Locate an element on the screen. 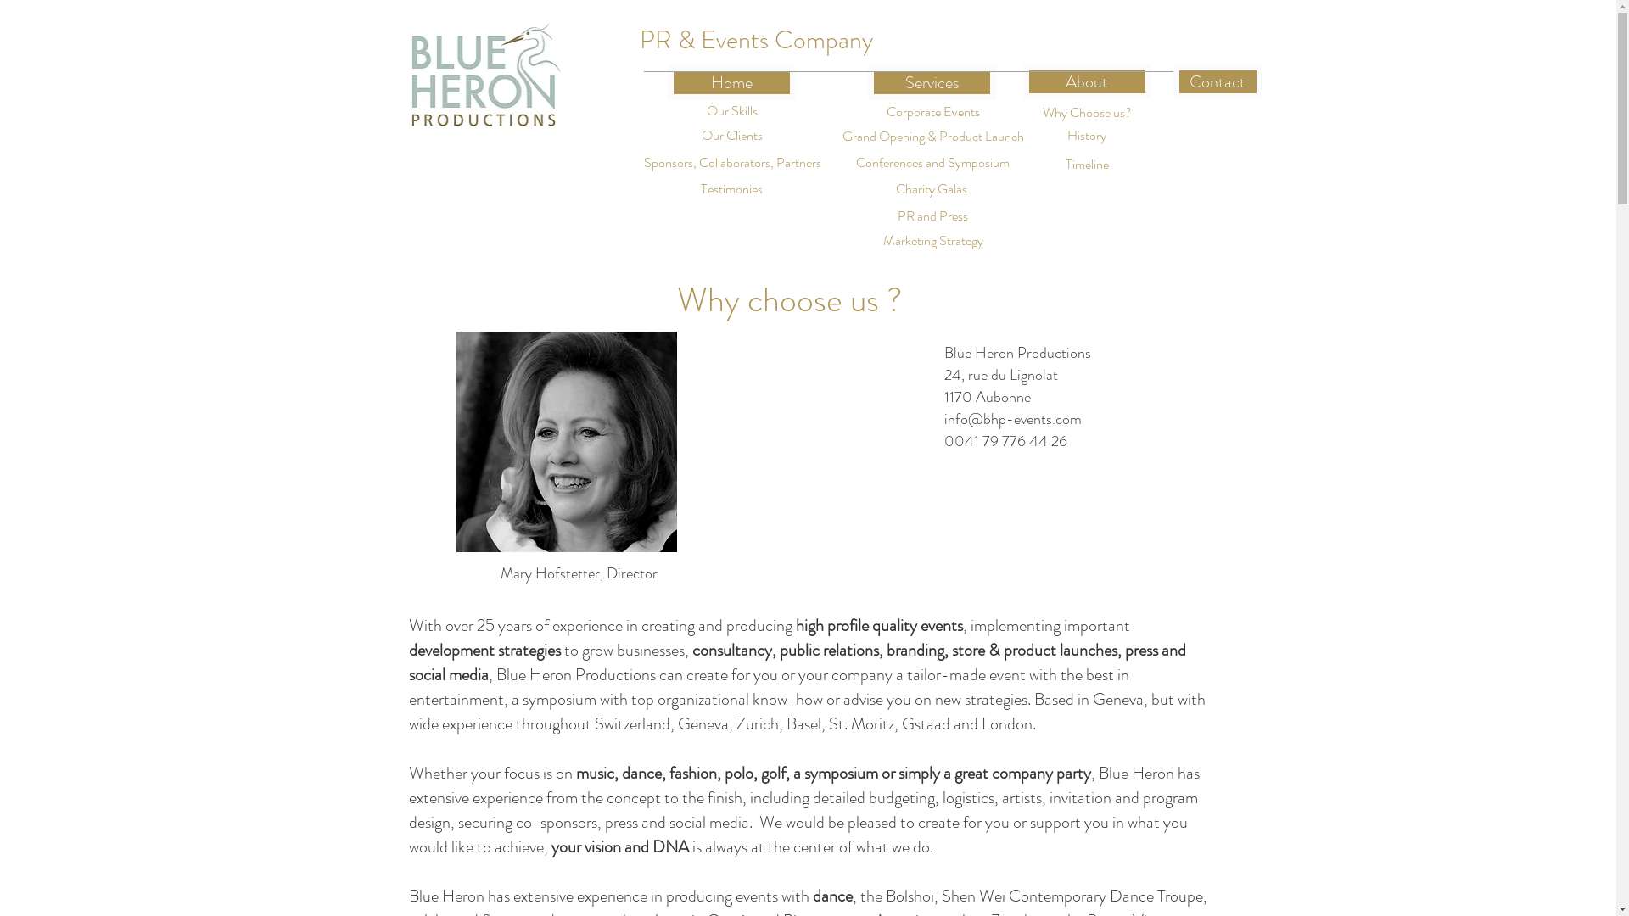 This screenshot has height=916, width=1629. 'Services' is located at coordinates (867, 82).